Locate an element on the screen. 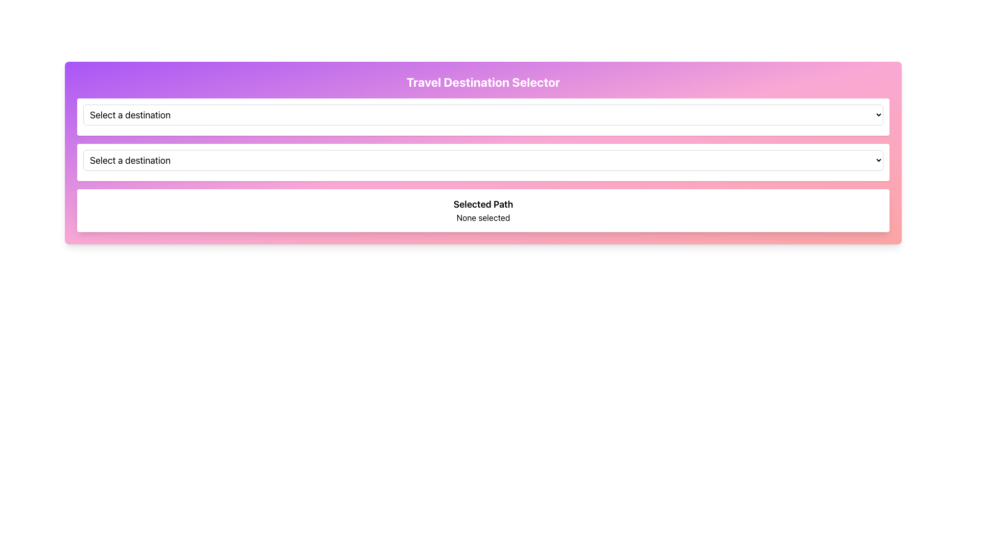  the dropdown menu styled with a white background and gray border by tabbing into it is located at coordinates (482, 160).